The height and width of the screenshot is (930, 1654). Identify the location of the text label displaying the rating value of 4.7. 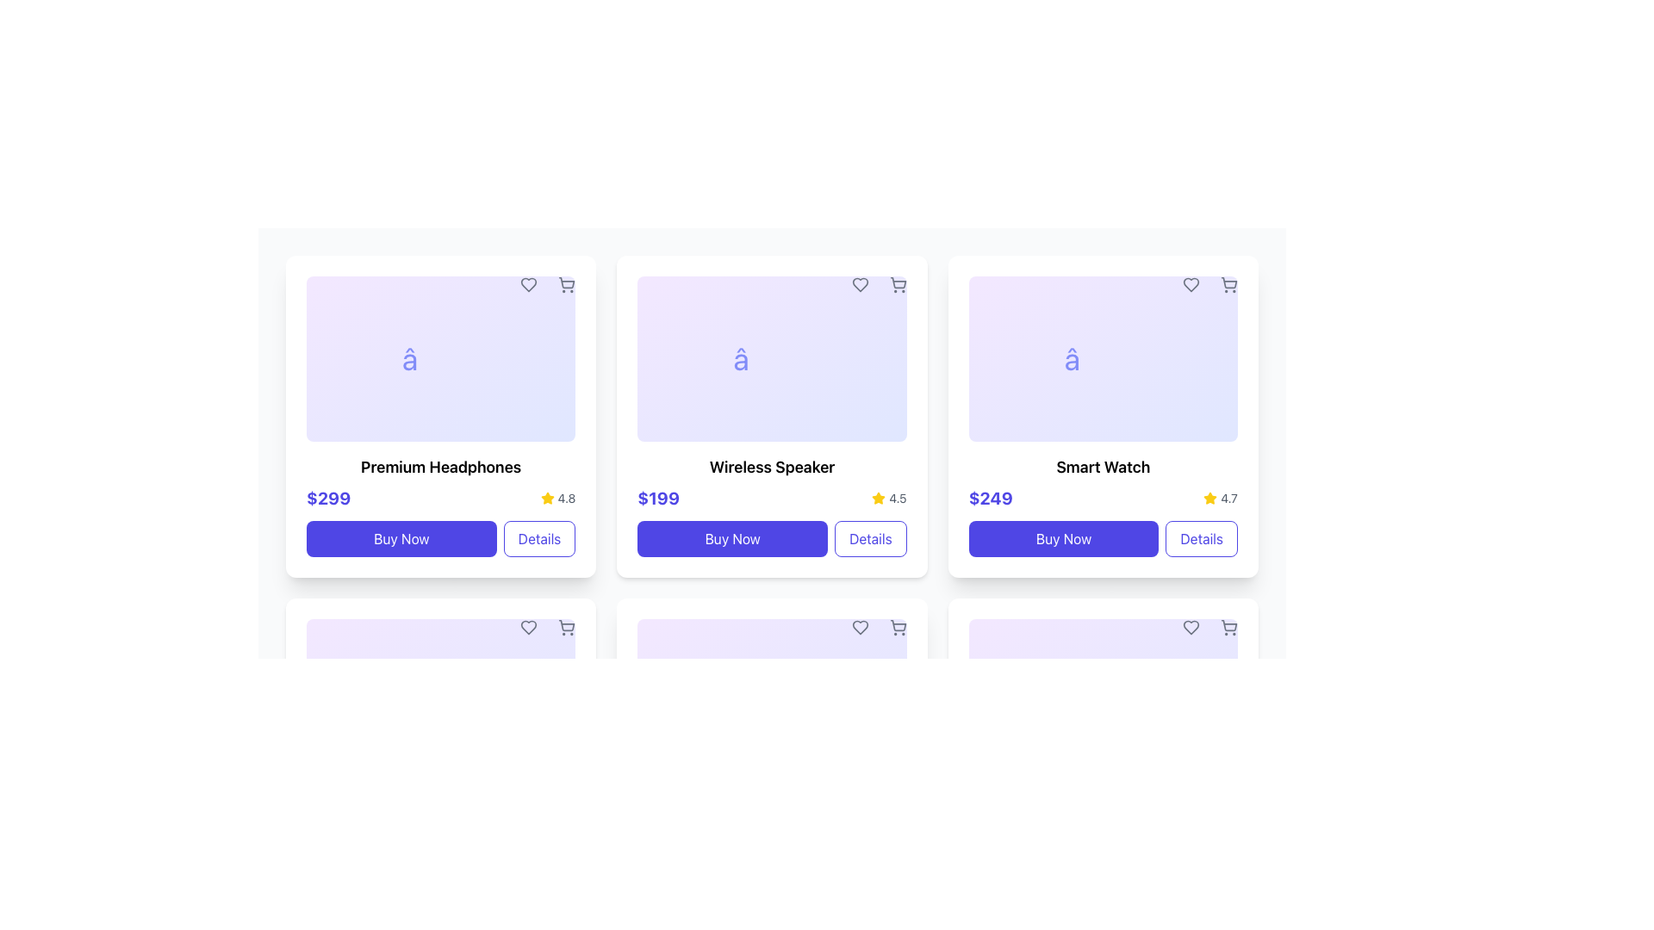
(1220, 498).